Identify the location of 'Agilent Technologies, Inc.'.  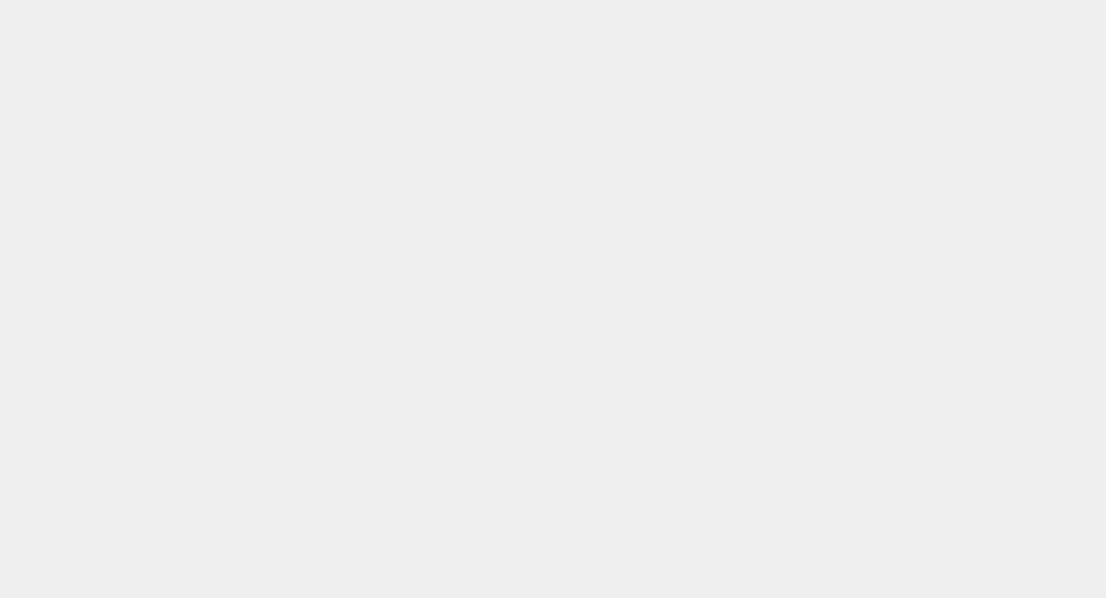
(194, 110).